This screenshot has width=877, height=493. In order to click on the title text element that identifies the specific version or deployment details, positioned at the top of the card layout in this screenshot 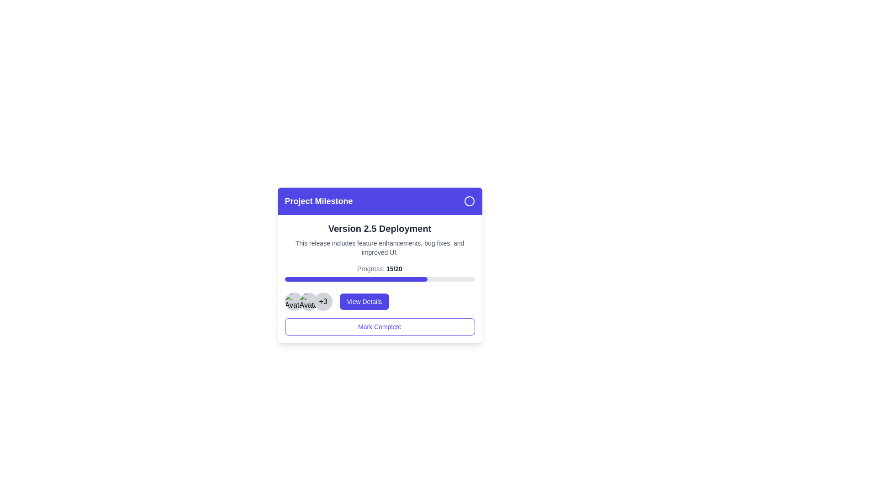, I will do `click(380, 228)`.